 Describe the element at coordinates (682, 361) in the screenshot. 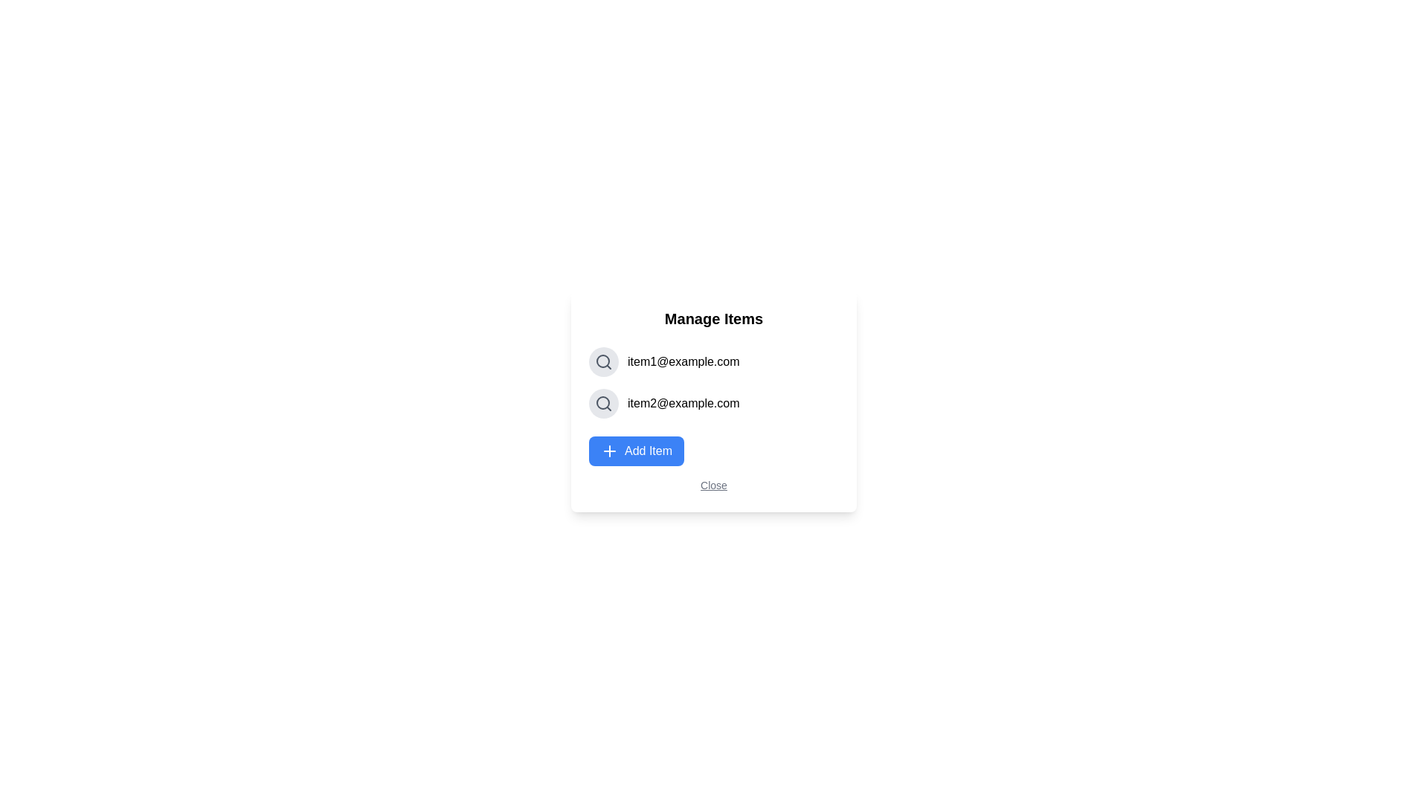

I see `the text 'item1@example.com' to select it` at that location.